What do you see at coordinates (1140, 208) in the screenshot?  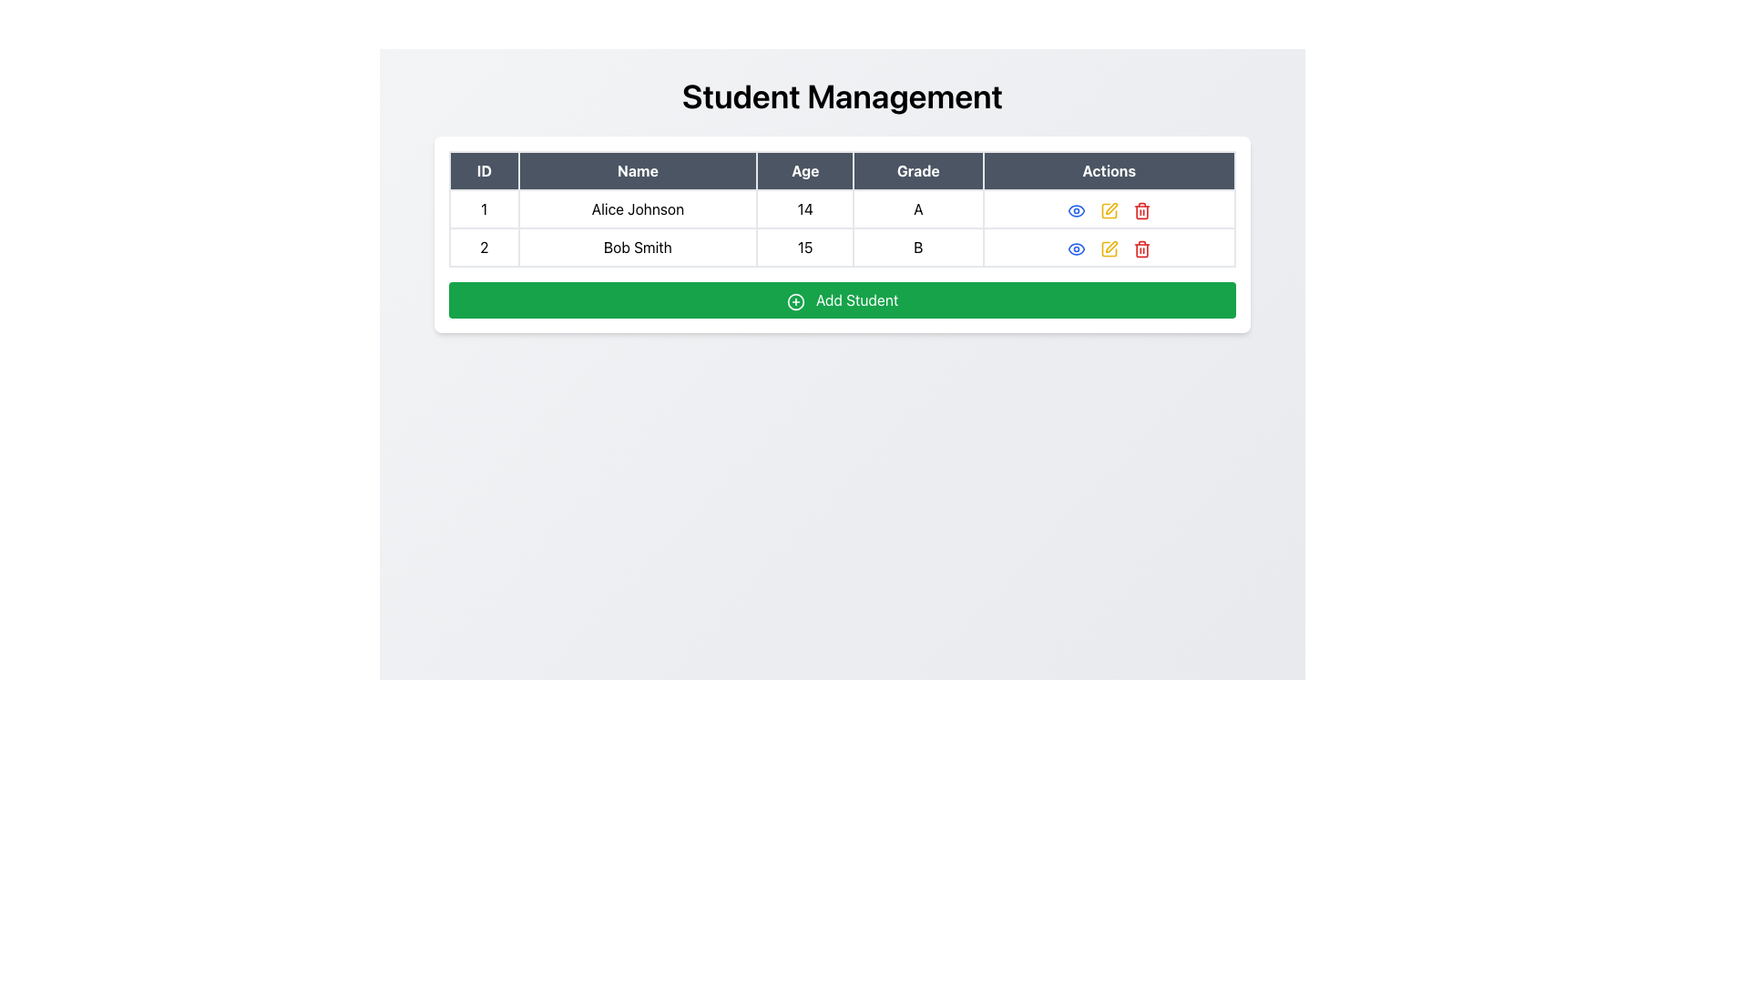 I see `the red trash bin icon in the Actions column of the first row of the table` at bounding box center [1140, 208].